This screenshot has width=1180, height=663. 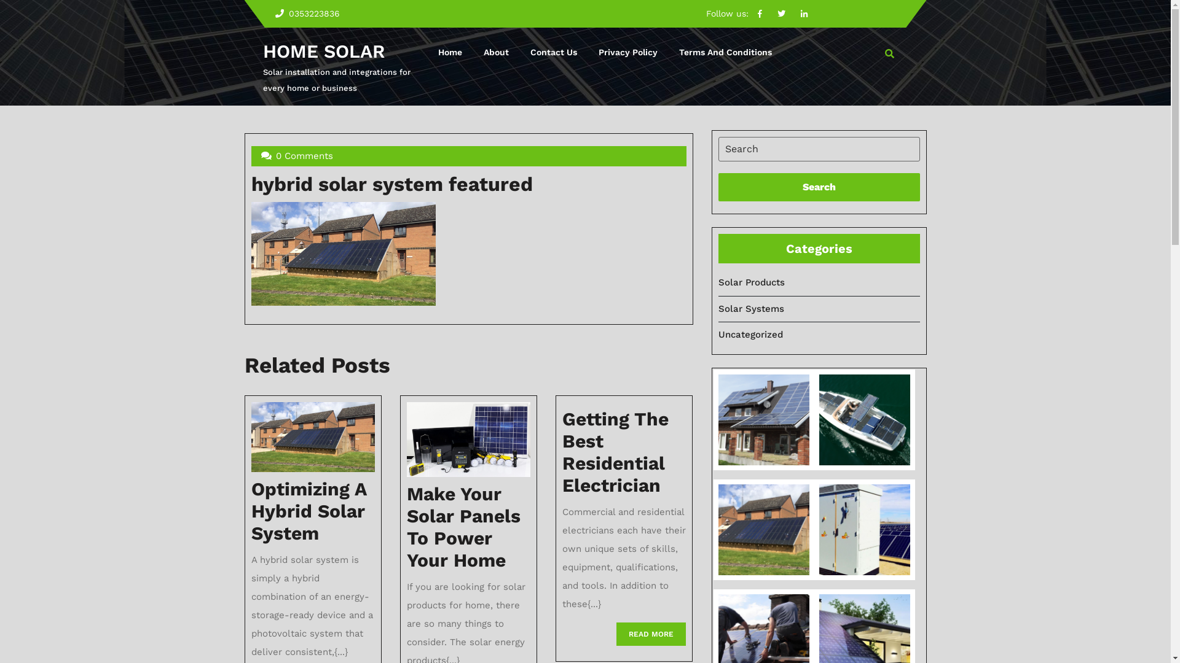 What do you see at coordinates (794, 13) in the screenshot?
I see `'Linkedin'` at bounding box center [794, 13].